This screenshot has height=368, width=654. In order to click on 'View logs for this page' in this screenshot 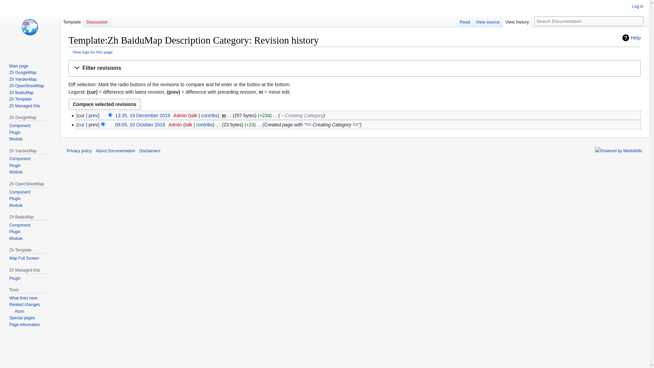, I will do `click(92, 51)`.